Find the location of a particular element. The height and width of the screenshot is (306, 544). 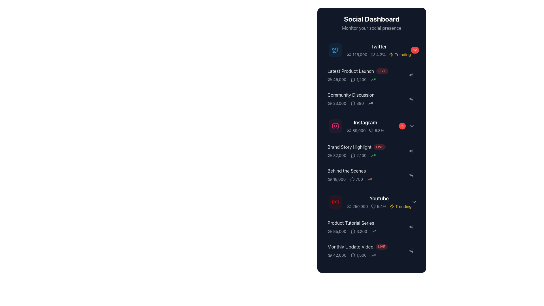

the information display group containing the eye icon, views count '42,000', chat icon, and comments count '1,500' for additional options is located at coordinates (367, 255).